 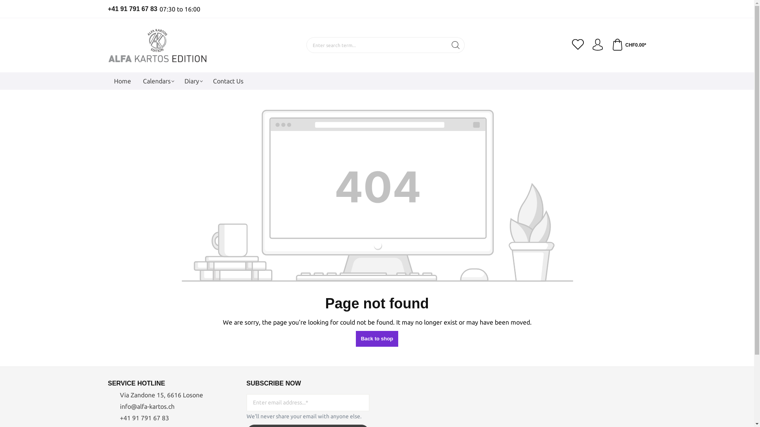 I want to click on 'Contact Us', so click(x=227, y=81).